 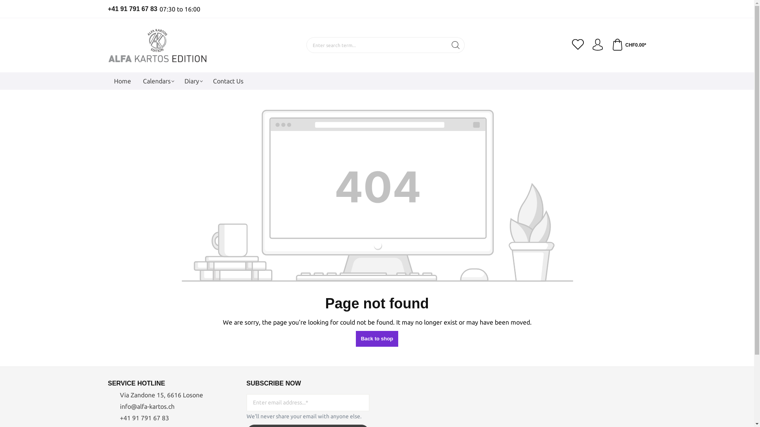 I want to click on 'Contact Us', so click(x=227, y=81).